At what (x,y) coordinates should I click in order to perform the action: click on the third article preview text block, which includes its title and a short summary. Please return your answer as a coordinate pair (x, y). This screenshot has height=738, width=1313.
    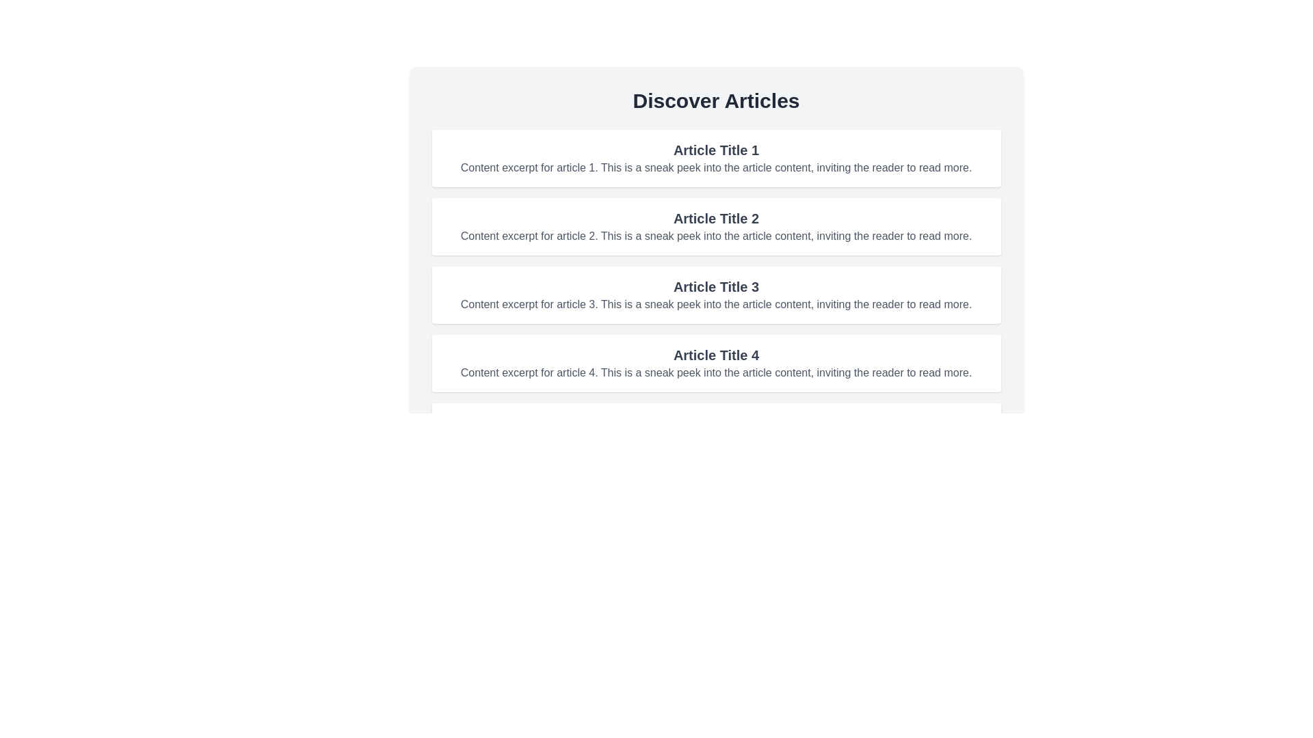
    Looking at the image, I should click on (715, 295).